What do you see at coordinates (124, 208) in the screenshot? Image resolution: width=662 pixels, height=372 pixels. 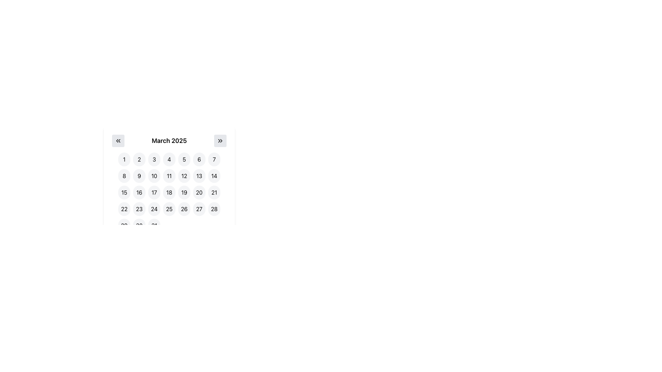 I see `the button representing the 22nd day of the month in the calendar` at bounding box center [124, 208].